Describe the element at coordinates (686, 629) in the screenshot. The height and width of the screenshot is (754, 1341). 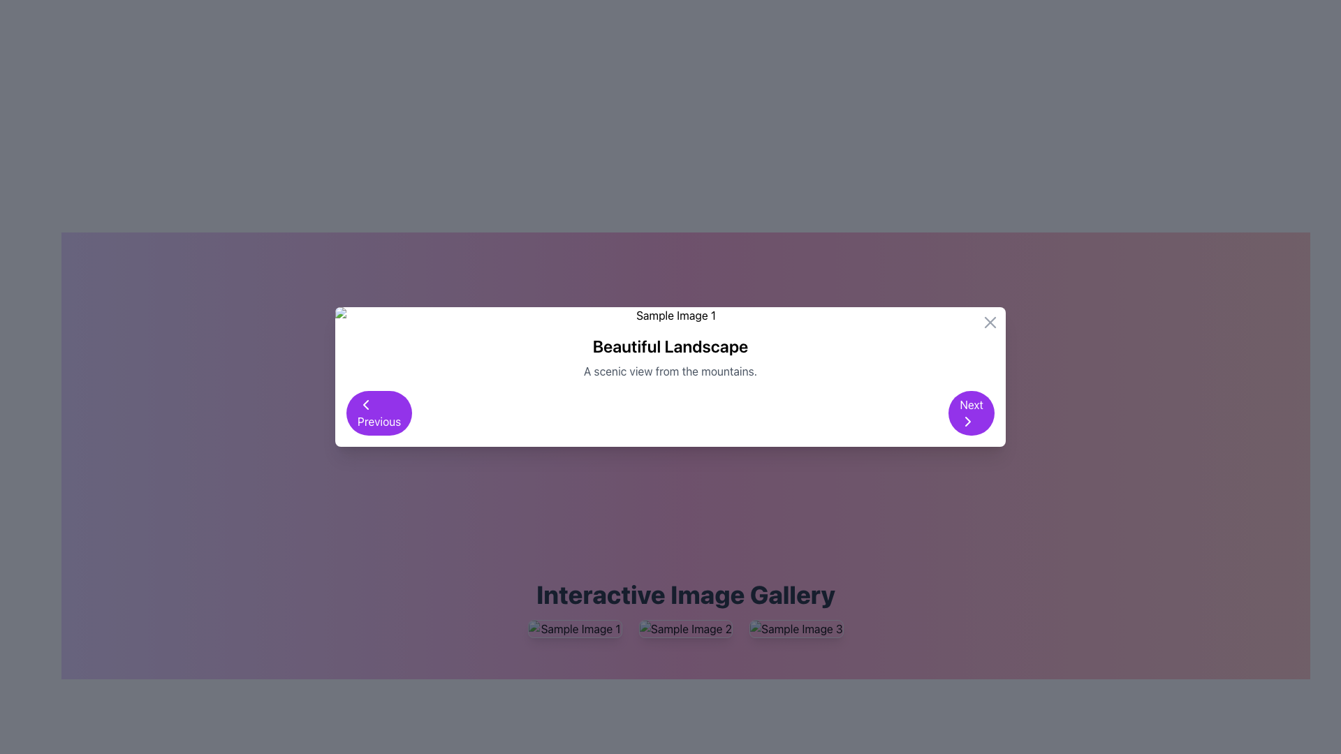
I see `the second image` at that location.